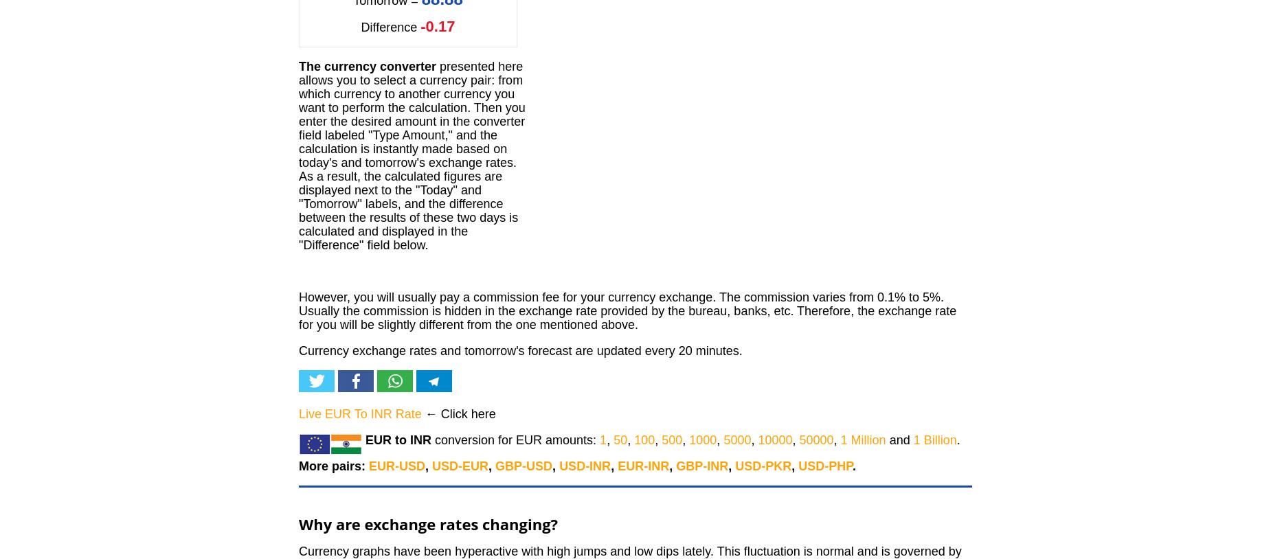 The height and width of the screenshot is (559, 1271). What do you see at coordinates (297, 523) in the screenshot?
I see `'Why are exchange rates changing?'` at bounding box center [297, 523].